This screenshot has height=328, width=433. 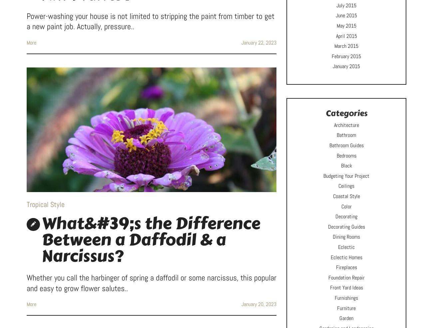 I want to click on 'Ceilings', so click(x=346, y=186).